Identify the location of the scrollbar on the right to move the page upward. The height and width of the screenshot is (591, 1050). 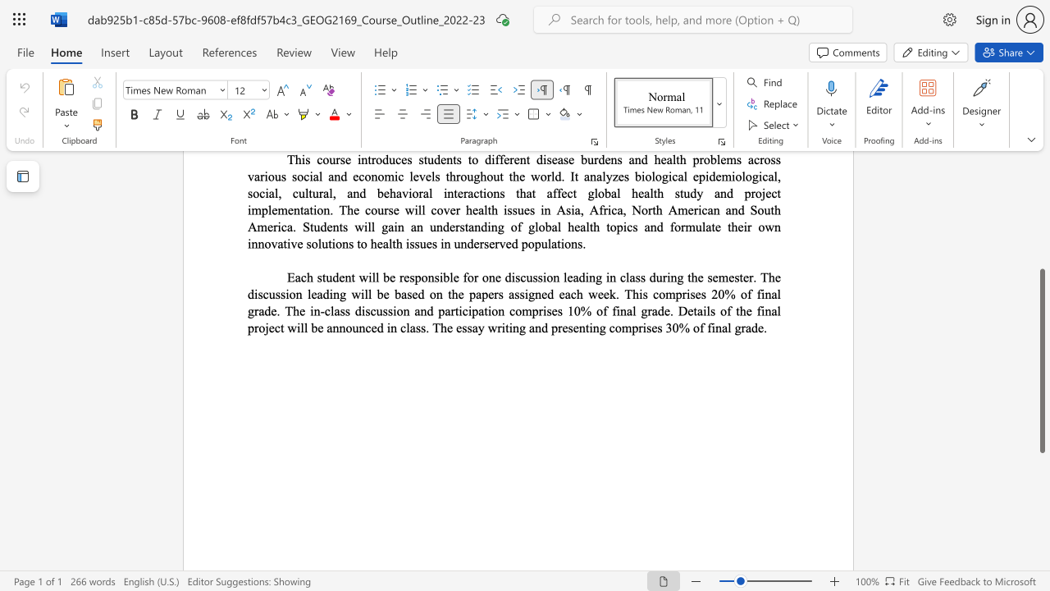
(1041, 254).